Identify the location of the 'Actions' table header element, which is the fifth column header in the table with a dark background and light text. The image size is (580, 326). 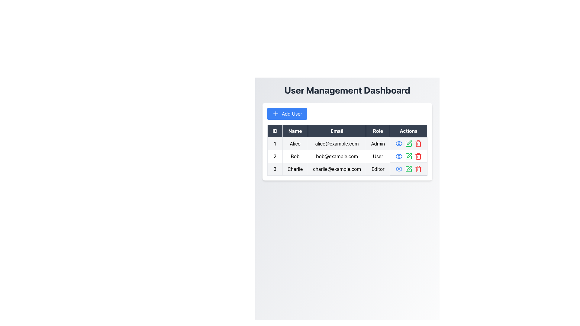
(408, 131).